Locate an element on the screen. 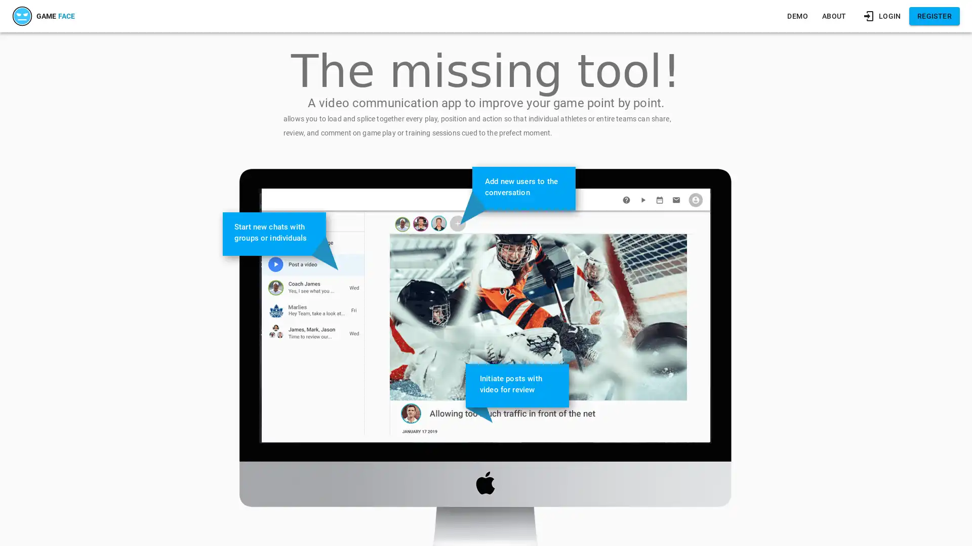 This screenshot has height=546, width=972. LOGIN is located at coordinates (881, 16).